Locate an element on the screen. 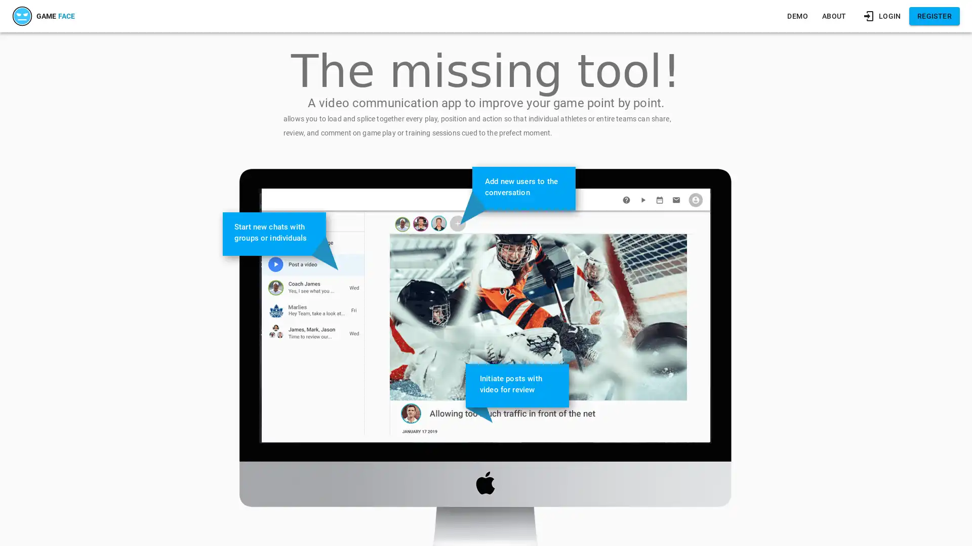 This screenshot has height=546, width=972. LOGIN is located at coordinates (881, 16).